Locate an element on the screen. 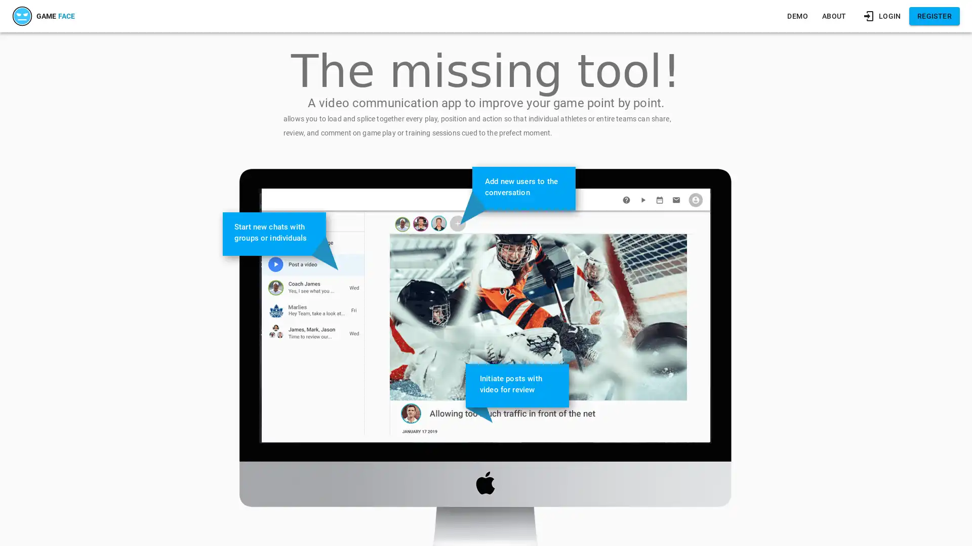 This screenshot has height=546, width=972. LOGIN is located at coordinates (881, 16).